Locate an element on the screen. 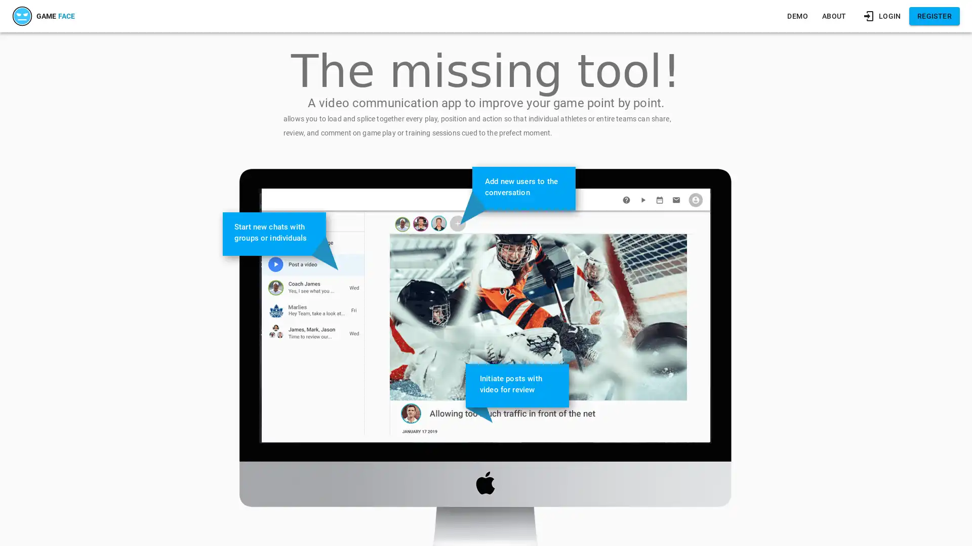 This screenshot has height=546, width=972. LOGIN is located at coordinates (881, 16).